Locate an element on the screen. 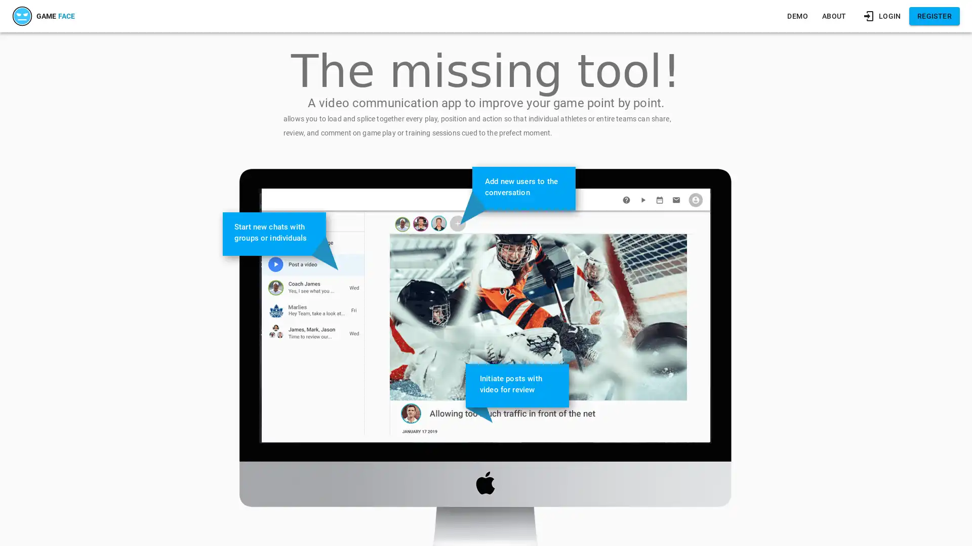 This screenshot has height=546, width=972. LOGIN is located at coordinates (881, 16).